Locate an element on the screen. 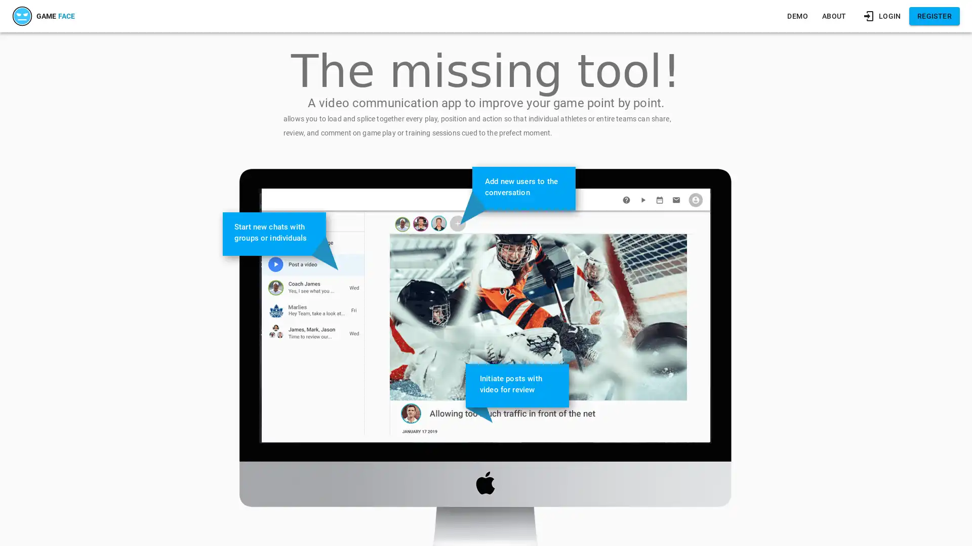 This screenshot has height=546, width=972. LOGIN is located at coordinates (881, 16).